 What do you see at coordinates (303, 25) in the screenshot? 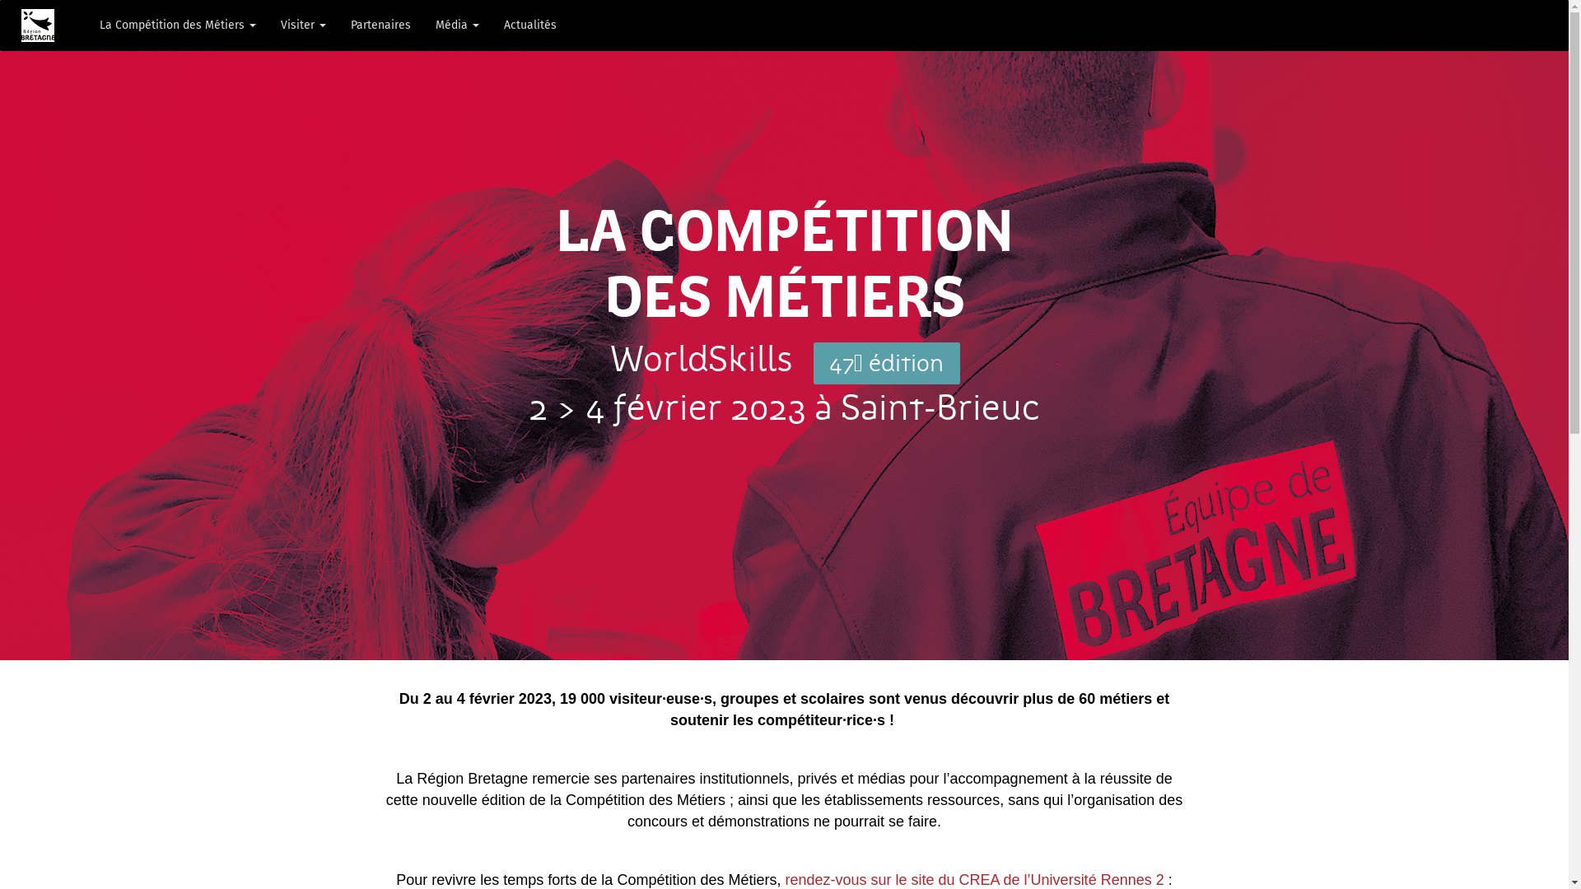
I see `'Visiter'` at bounding box center [303, 25].